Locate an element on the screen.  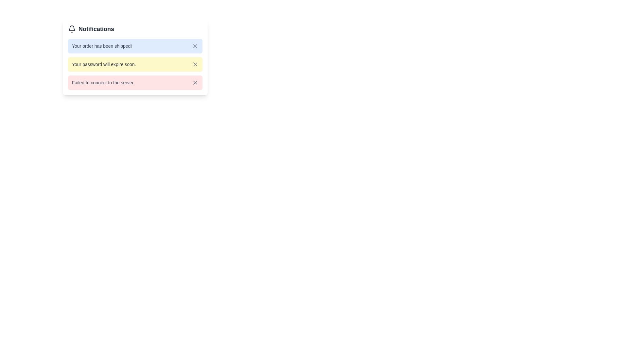
the Close icon located in the top-right corner of the third notification with a red background and the text 'Failed to connect to the server' is located at coordinates (195, 82).